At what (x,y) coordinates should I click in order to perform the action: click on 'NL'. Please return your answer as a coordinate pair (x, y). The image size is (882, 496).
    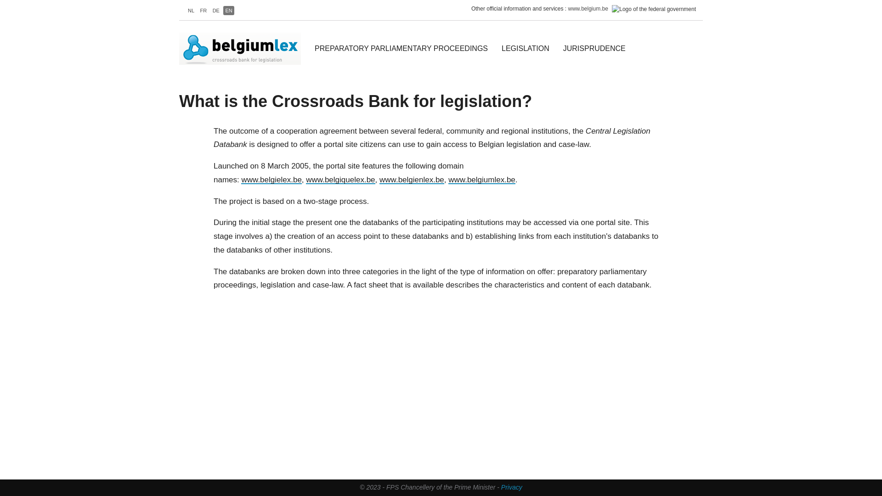
    Looking at the image, I should click on (185, 11).